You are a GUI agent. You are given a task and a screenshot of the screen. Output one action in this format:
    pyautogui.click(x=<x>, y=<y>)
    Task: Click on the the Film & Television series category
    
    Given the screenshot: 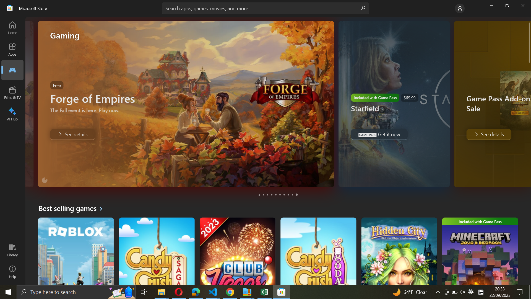 What is the action you would take?
    pyautogui.click(x=13, y=92)
    